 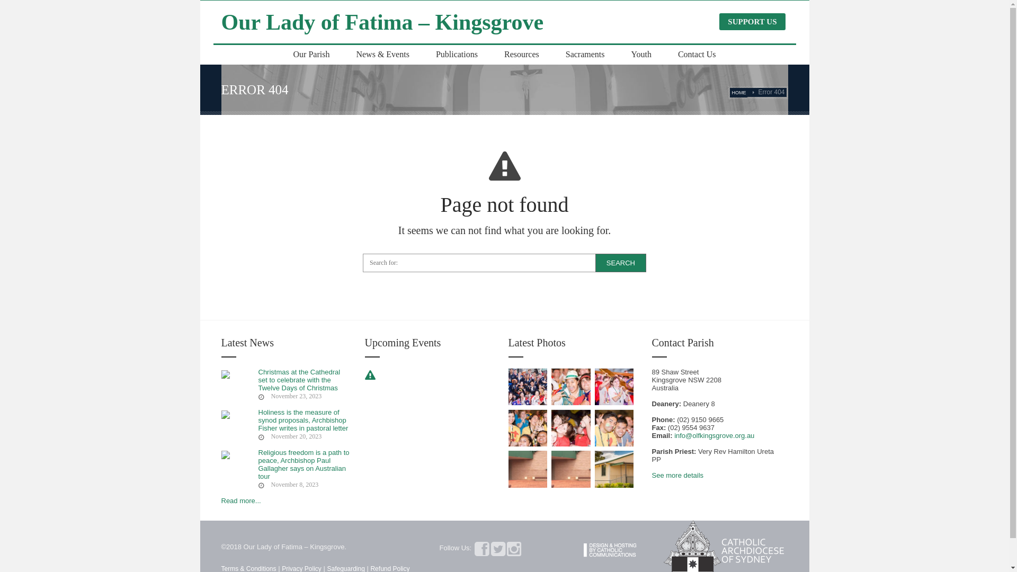 I want to click on 'info@olfkingsgrove.org.au', so click(x=714, y=435).